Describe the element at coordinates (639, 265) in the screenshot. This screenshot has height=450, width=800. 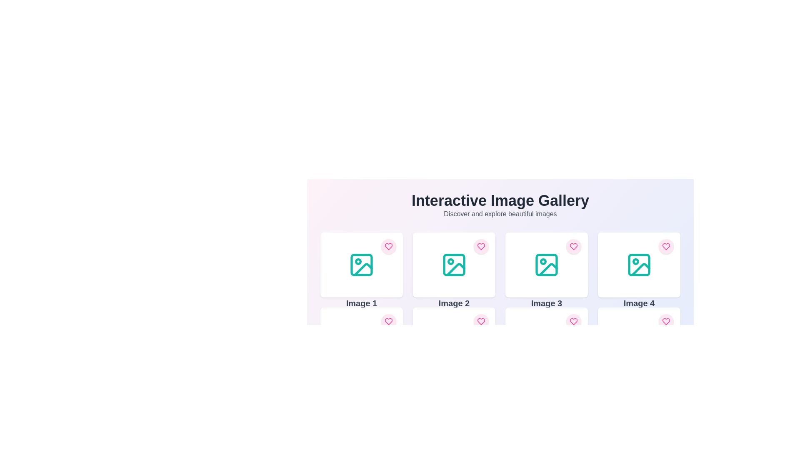
I see `the graphical icon located in the fourth image card of the gallery to interact with it` at that location.